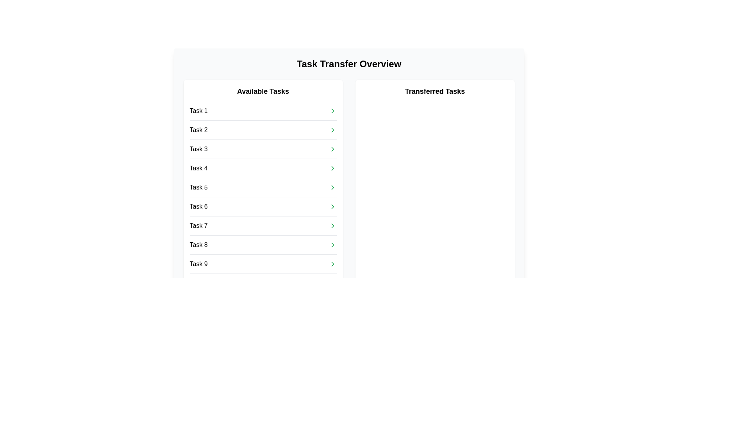 The image size is (750, 422). What do you see at coordinates (198, 226) in the screenshot?
I see `the seventh task item label in the vertical list, located between 'Task 6' and 'Task 8'` at bounding box center [198, 226].